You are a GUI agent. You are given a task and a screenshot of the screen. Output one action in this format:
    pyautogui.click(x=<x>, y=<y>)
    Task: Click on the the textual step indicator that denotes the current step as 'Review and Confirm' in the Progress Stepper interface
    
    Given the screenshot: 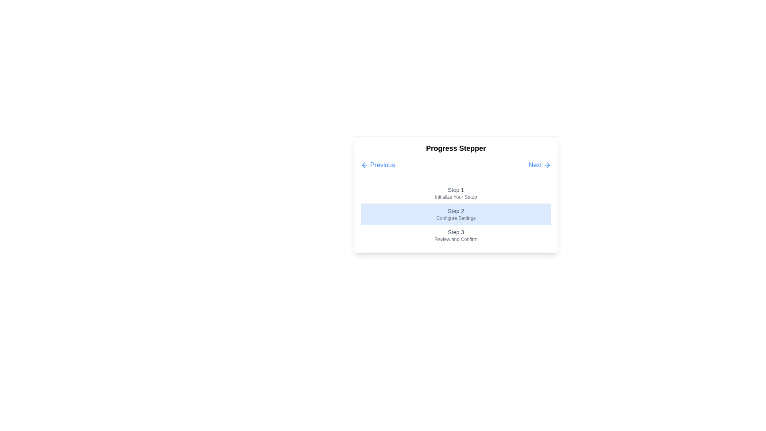 What is the action you would take?
    pyautogui.click(x=456, y=235)
    